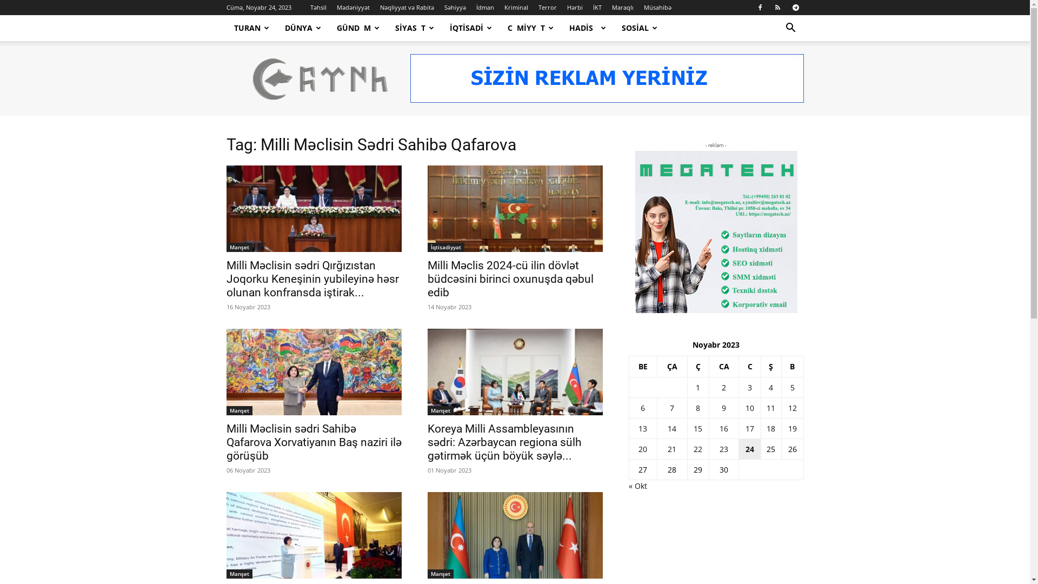 The width and height of the screenshot is (1038, 584). I want to click on 'Kriminal', so click(515, 7).